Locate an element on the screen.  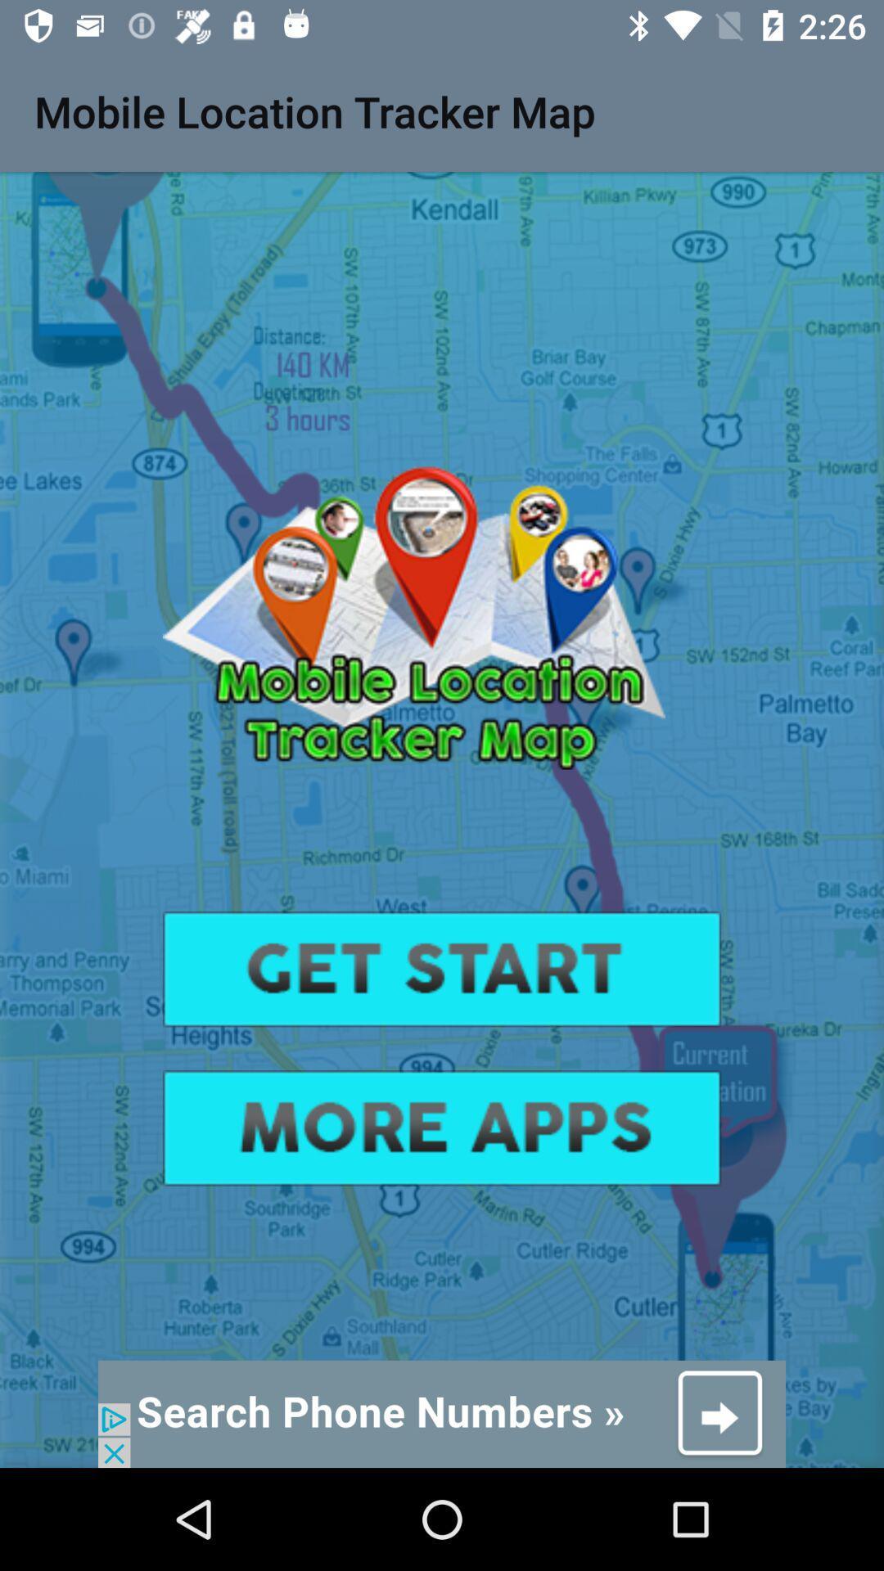
start option is located at coordinates (442, 969).